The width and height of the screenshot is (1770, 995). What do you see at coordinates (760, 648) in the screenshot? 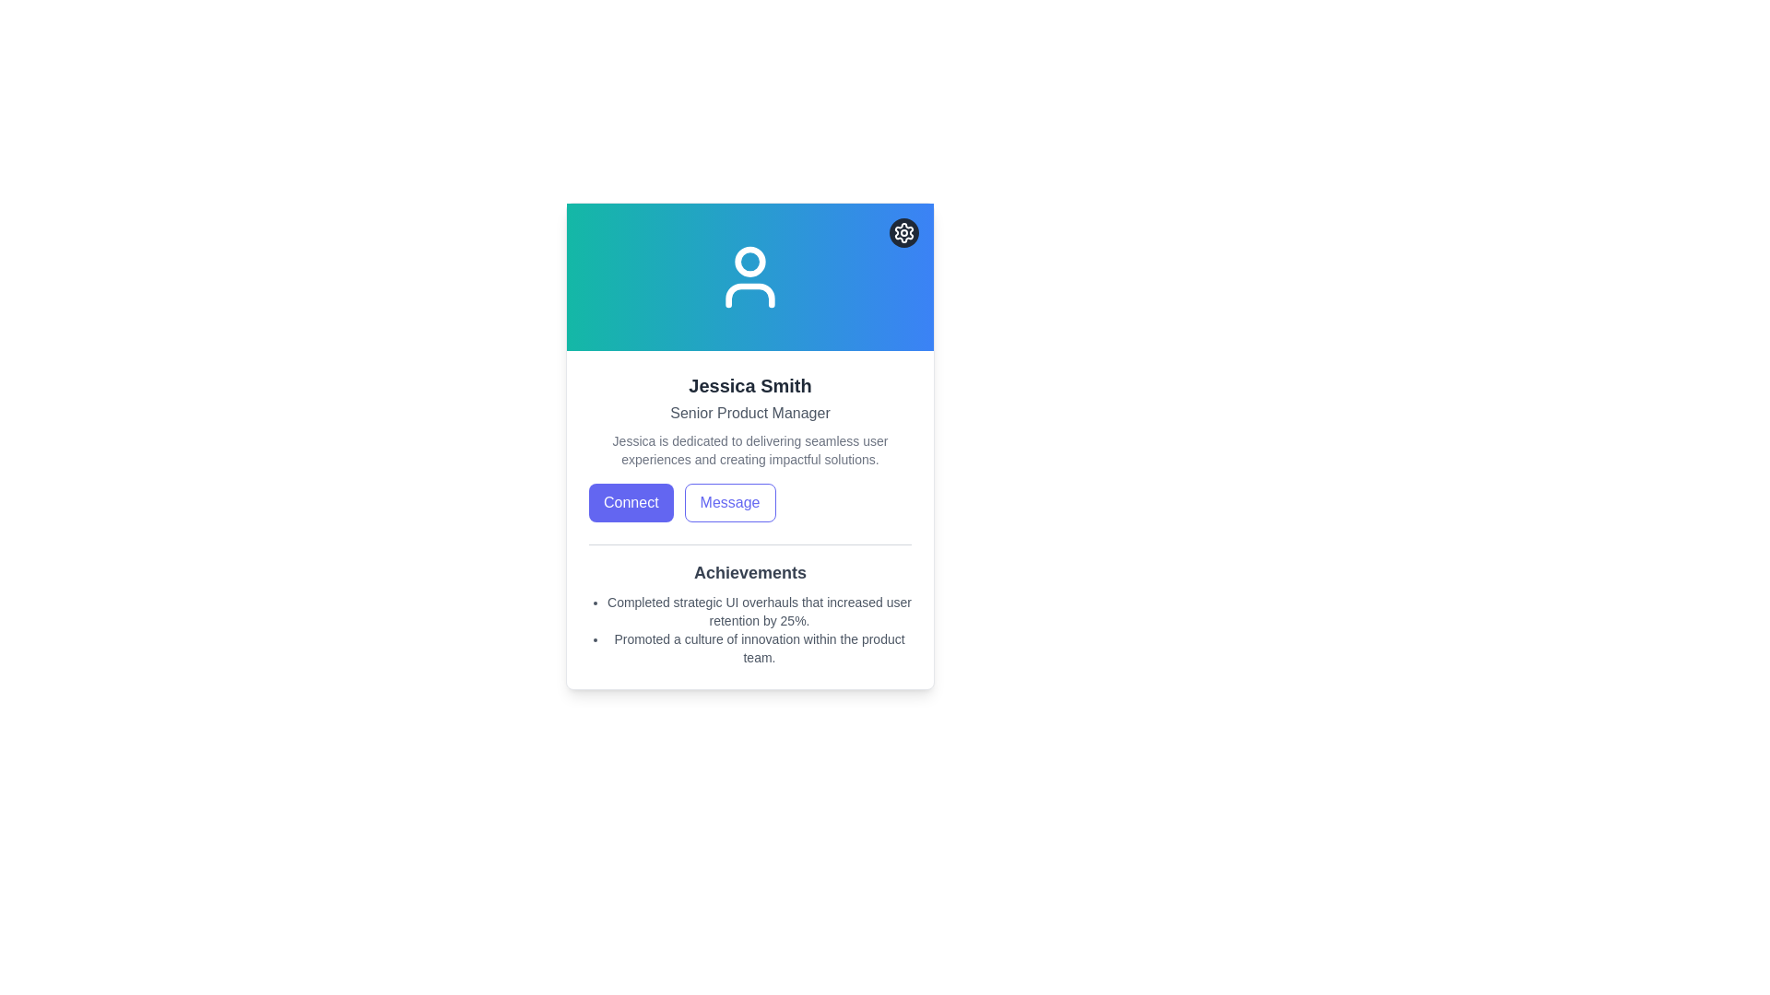
I see `the second bullet point in the 'Achievements' section that highlights a professional achievement in an individual's profile or resume` at bounding box center [760, 648].